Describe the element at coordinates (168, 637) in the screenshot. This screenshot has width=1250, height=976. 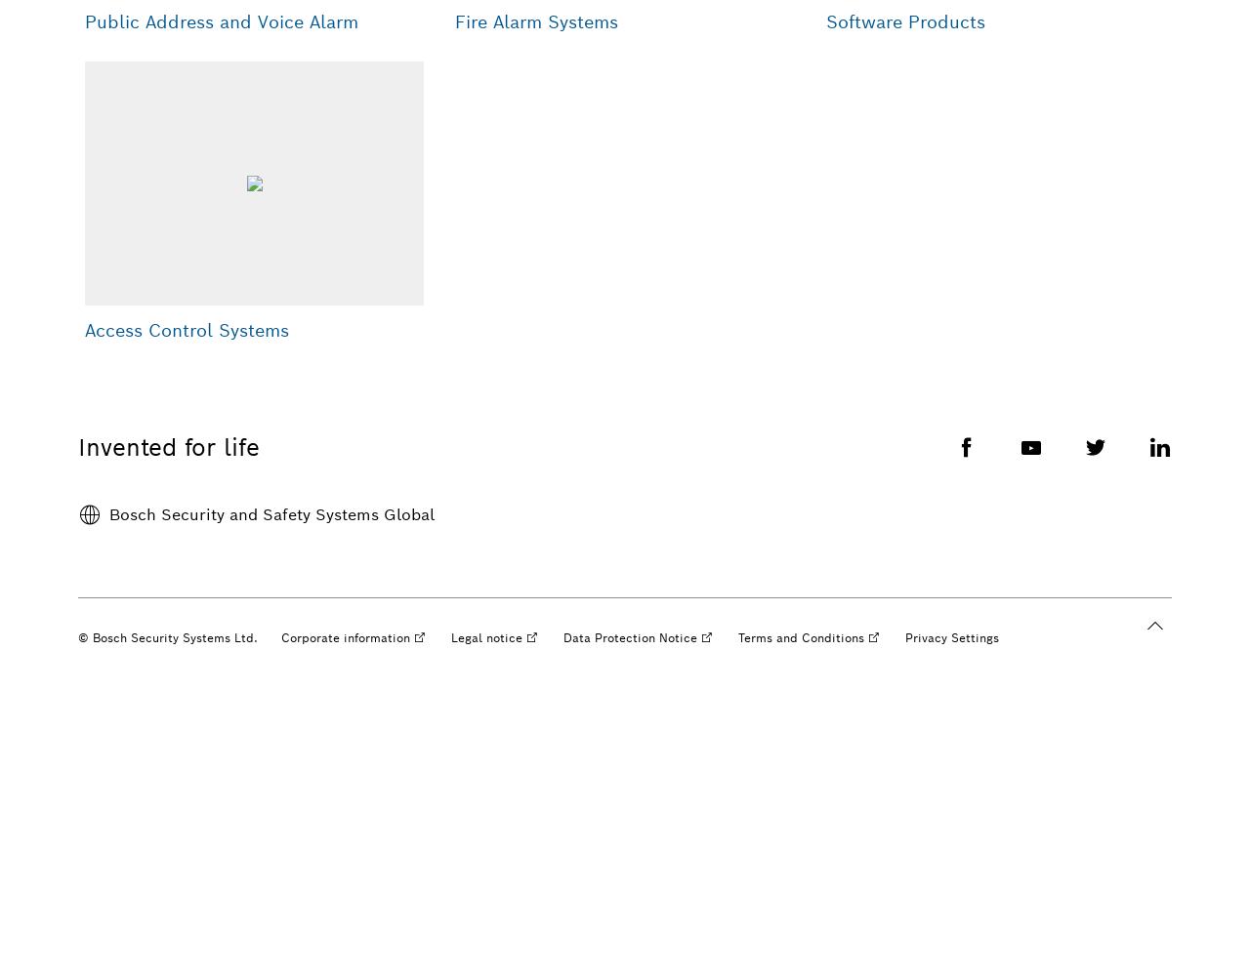
I see `'© Bosch Security Systems Ltd.'` at that location.